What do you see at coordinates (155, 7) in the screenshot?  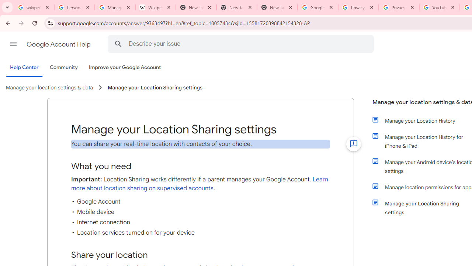 I see `'Wikipedia:Edit requests - Wikipedia'` at bounding box center [155, 7].